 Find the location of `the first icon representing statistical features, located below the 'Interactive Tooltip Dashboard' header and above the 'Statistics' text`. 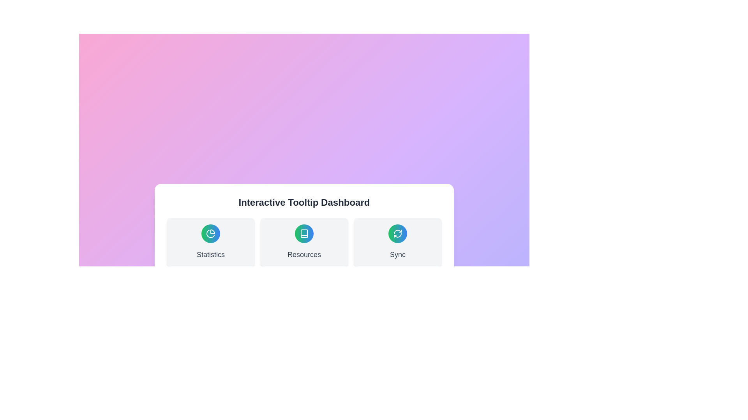

the first icon representing statistical features, located below the 'Interactive Tooltip Dashboard' header and above the 'Statistics' text is located at coordinates (210, 233).